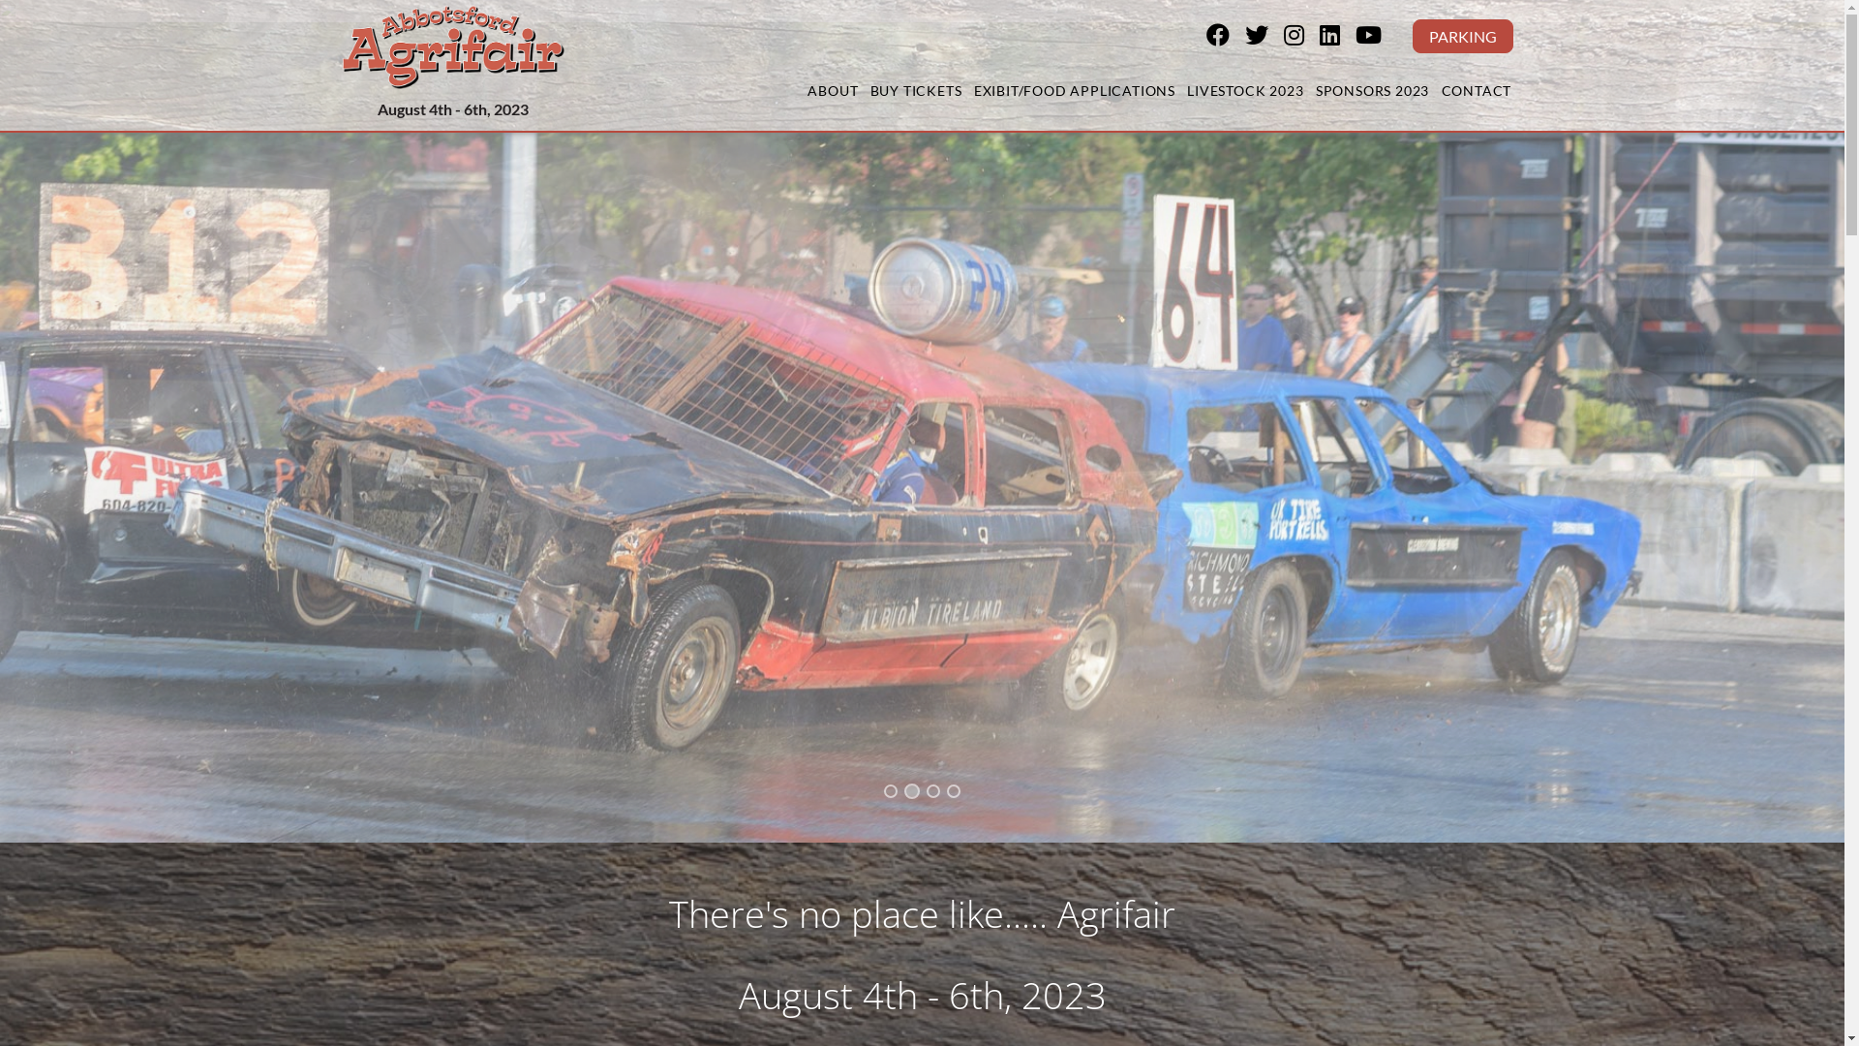  What do you see at coordinates (971, 92) in the screenshot?
I see `'EXIBIT/FOOD APPLICATIONS'` at bounding box center [971, 92].